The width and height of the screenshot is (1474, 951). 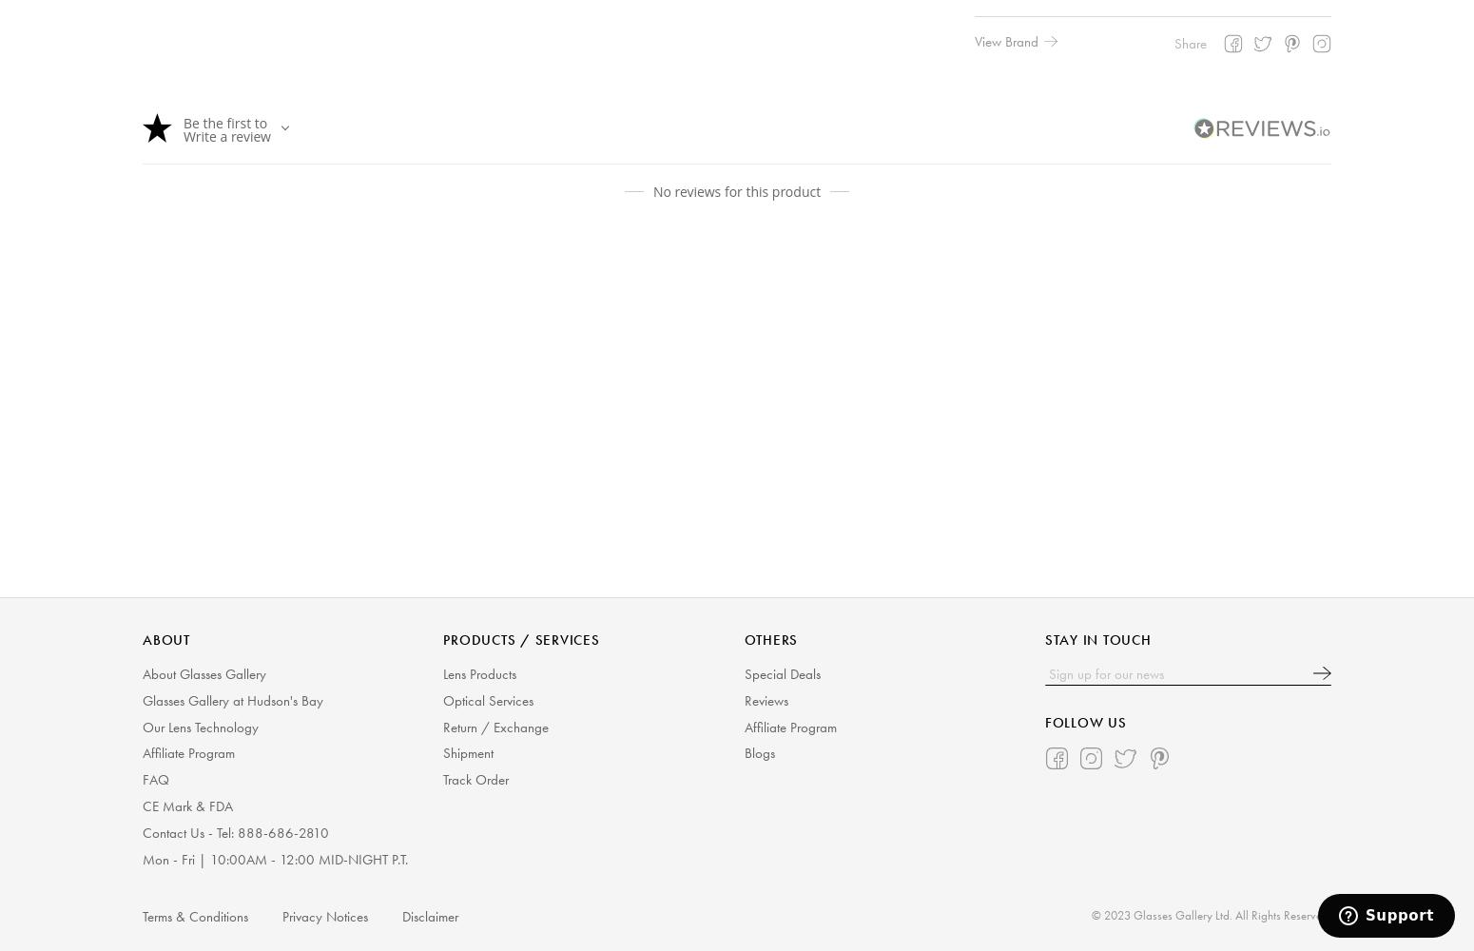 I want to click on 'Share', so click(x=1189, y=43).